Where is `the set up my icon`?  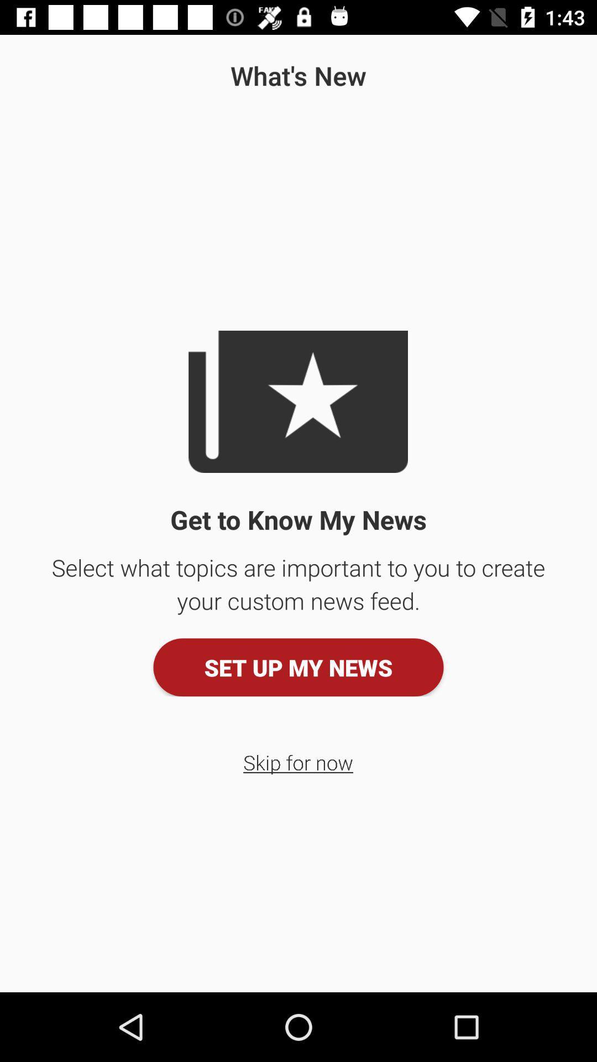 the set up my icon is located at coordinates (298, 667).